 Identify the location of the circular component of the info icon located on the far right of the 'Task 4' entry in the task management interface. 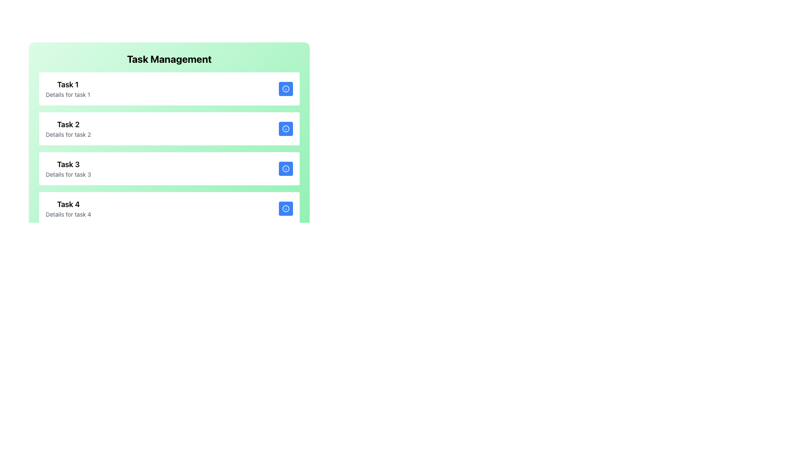
(286, 208).